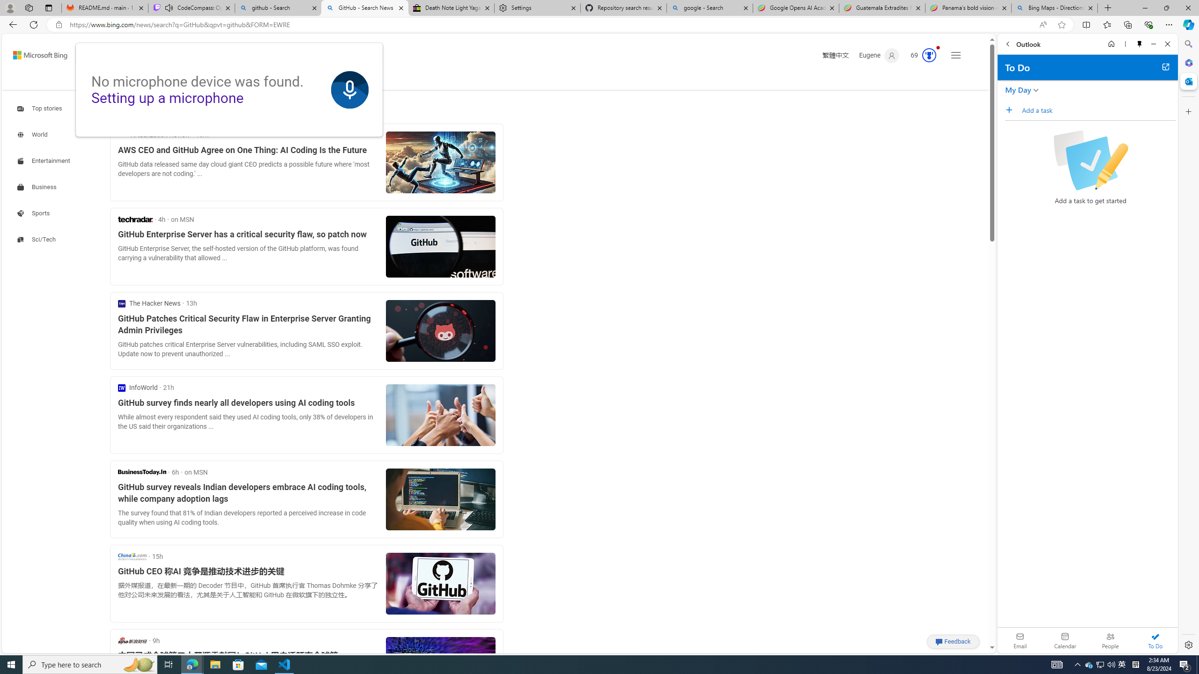 The height and width of the screenshot is (674, 1199). What do you see at coordinates (103, 79) in the screenshot?
I see `'SEARCH'` at bounding box center [103, 79].